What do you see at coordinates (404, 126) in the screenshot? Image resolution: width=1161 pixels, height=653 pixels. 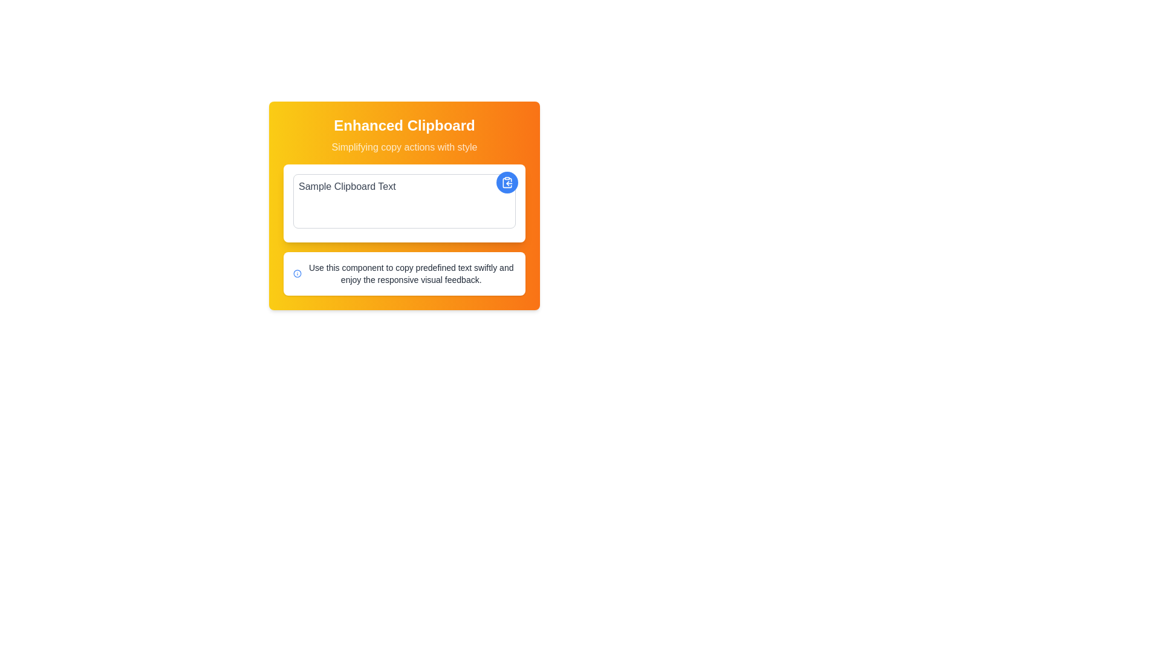 I see `text label displaying 'Enhanced Clipboard' which is styled in large, bold, white font on an orange background, located at the top of the interface` at bounding box center [404, 126].